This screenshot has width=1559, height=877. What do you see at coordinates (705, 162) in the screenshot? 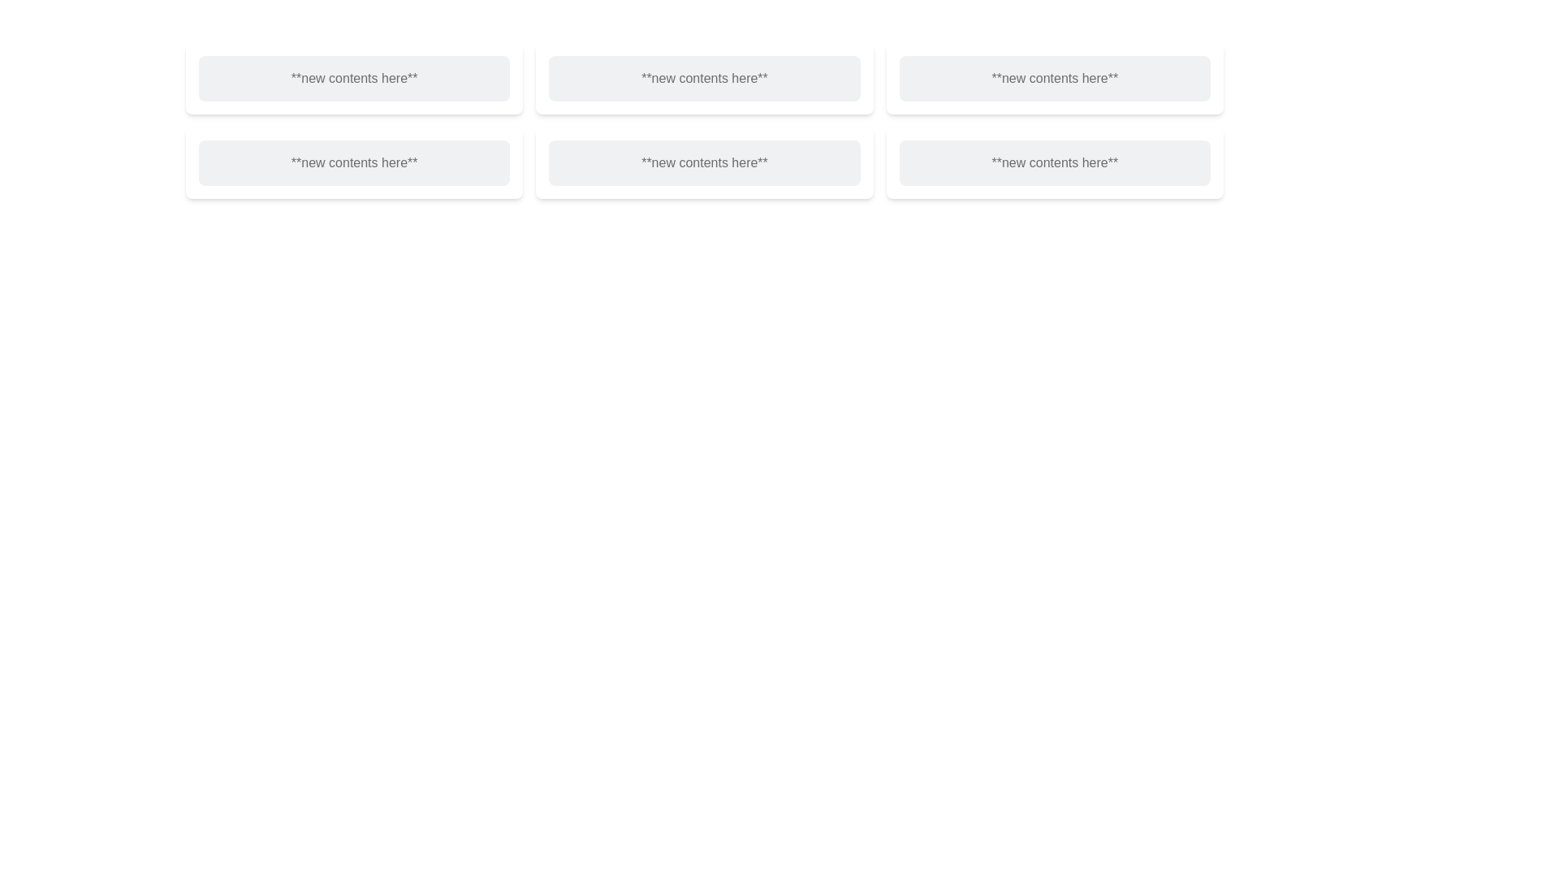
I see `the clickable text contained within the card located in the 3rd column of the 2nd row of the grid layout` at bounding box center [705, 162].